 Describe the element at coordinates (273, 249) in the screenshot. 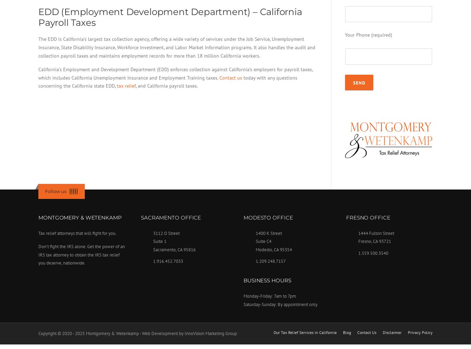

I see `'Modesto, CA 95354'` at that location.